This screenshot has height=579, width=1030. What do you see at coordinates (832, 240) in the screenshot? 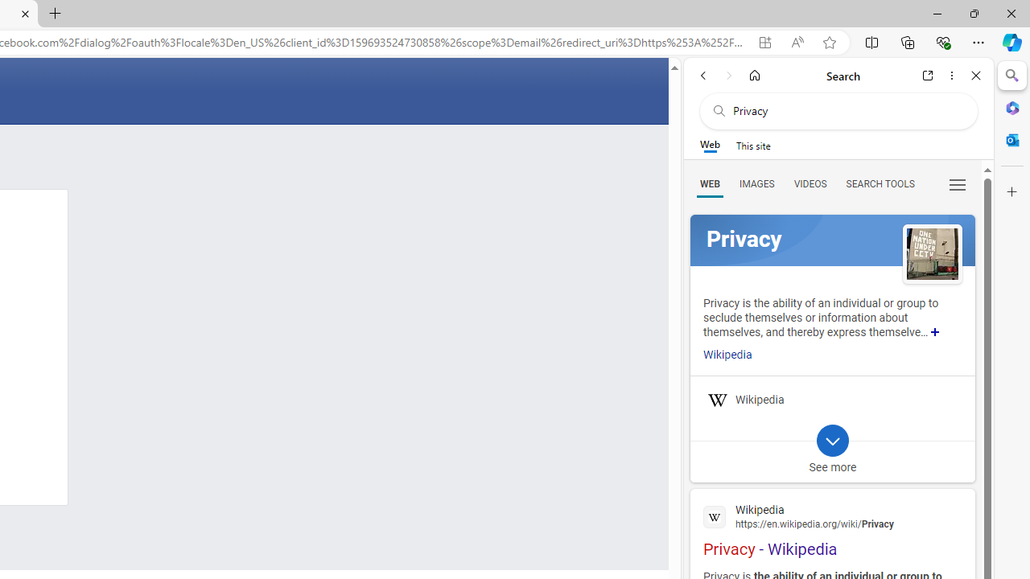
I see `'Class: spl_logobg'` at bounding box center [832, 240].